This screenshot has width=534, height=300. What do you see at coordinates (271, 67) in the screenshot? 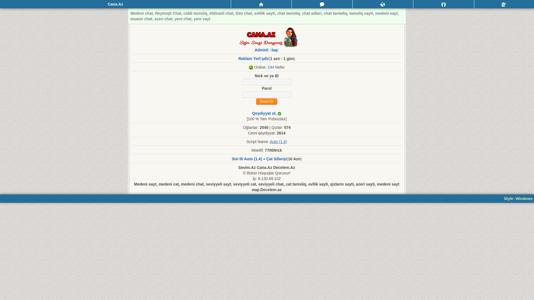
I see `'194'` at bounding box center [271, 67].